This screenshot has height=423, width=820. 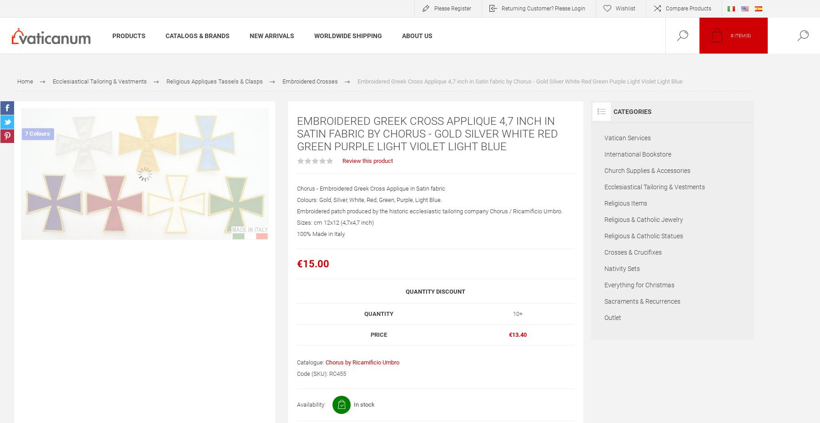 What do you see at coordinates (367, 160) in the screenshot?
I see `'Review this product'` at bounding box center [367, 160].